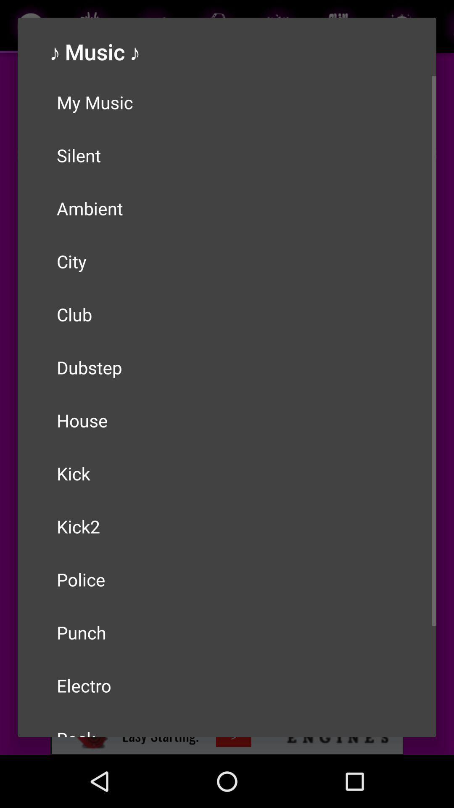 This screenshot has width=454, height=808. I want to click on the icon above the 		house, so click(227, 367).